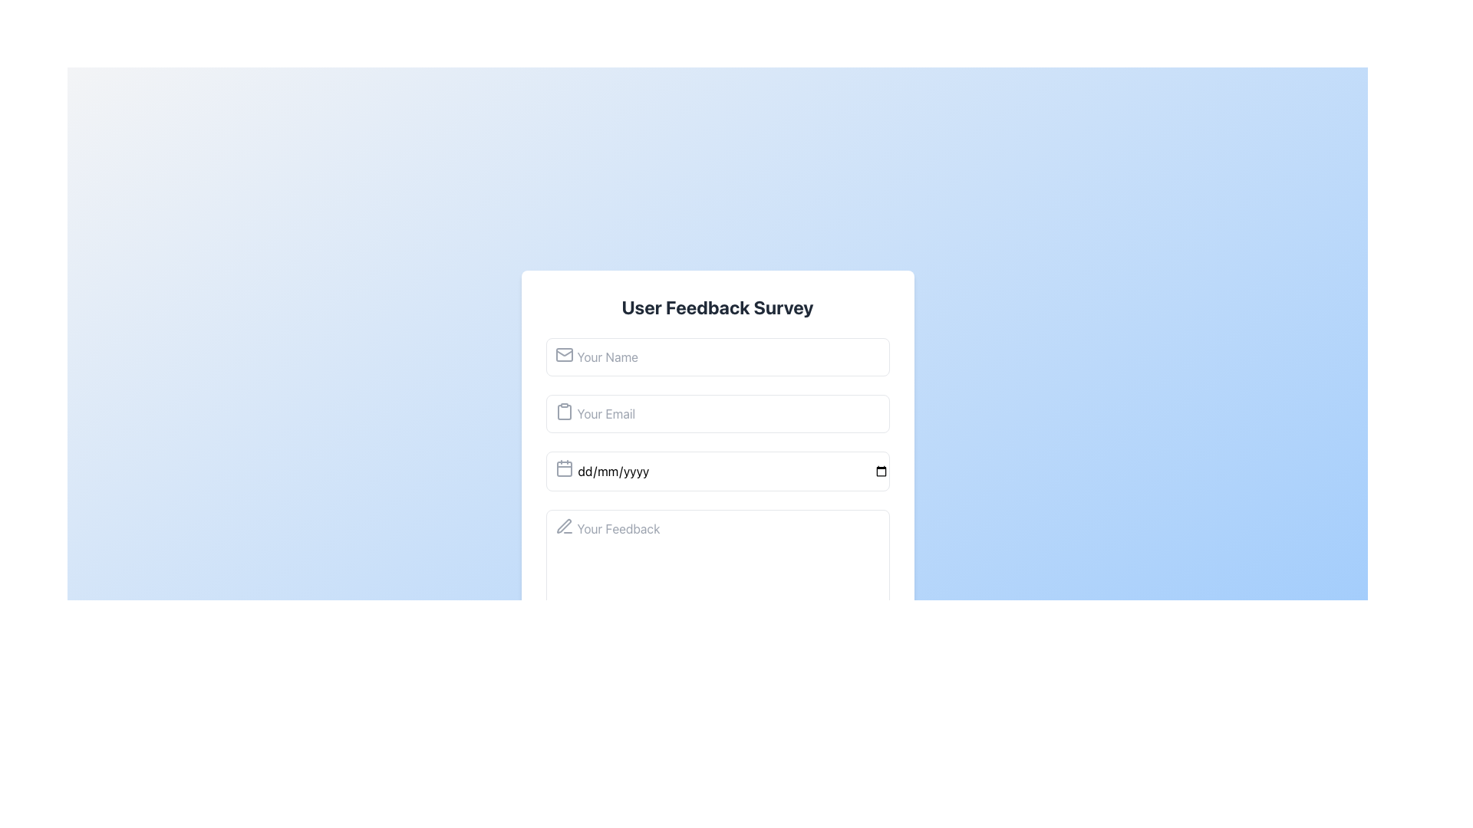 Image resolution: width=1473 pixels, height=828 pixels. What do you see at coordinates (563, 525) in the screenshot?
I see `the small gray pen icon located to the left of the 'Your Feedback' text area input box` at bounding box center [563, 525].